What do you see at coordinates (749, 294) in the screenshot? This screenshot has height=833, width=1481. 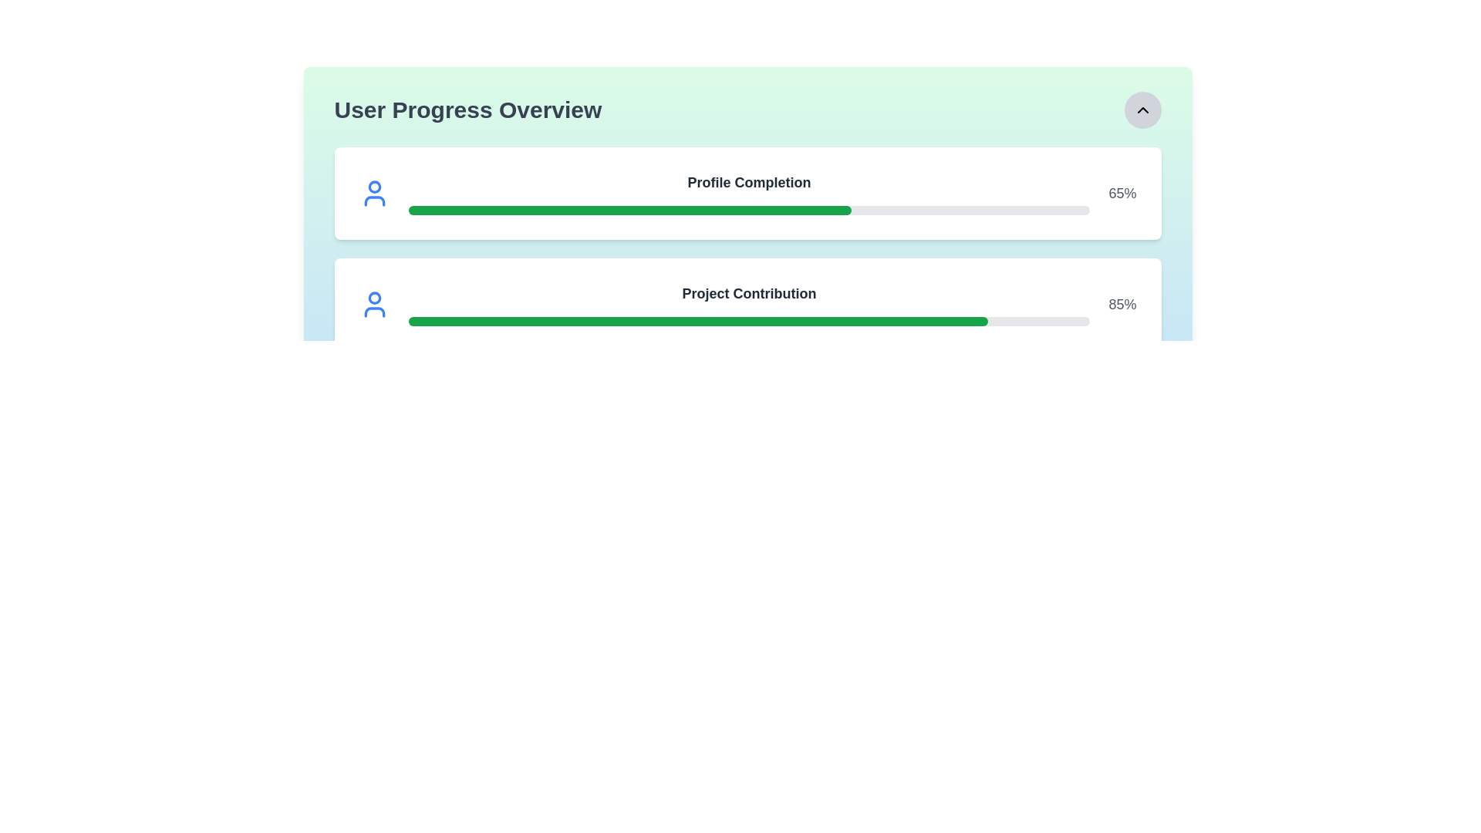 I see `the descriptive title text label for the progress bar indicating the user's contribution to a specific project, which is centered above the green and gray progress bar` at bounding box center [749, 294].